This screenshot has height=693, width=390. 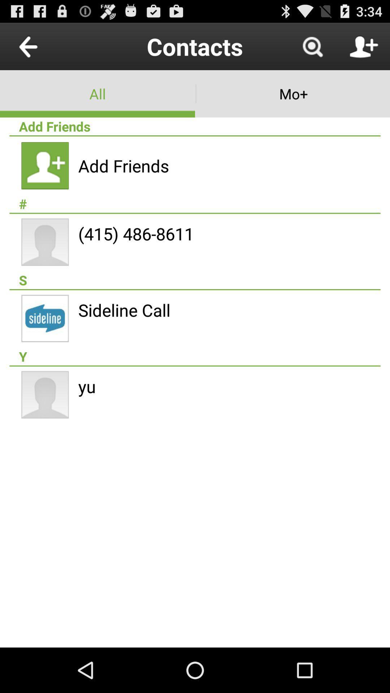 What do you see at coordinates (312, 46) in the screenshot?
I see `item to the right of contacts` at bounding box center [312, 46].